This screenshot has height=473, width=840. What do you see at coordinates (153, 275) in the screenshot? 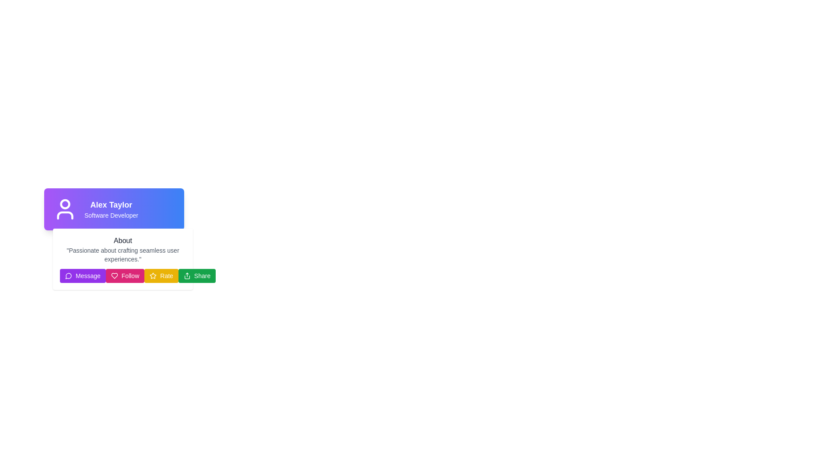
I see `the star icon located towards the center-right portion of the interface` at bounding box center [153, 275].